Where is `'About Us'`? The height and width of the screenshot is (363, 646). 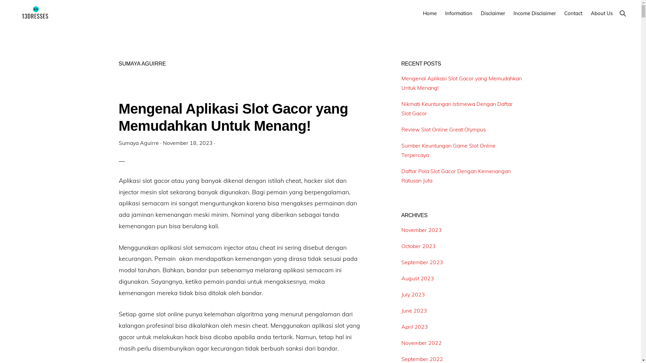 'About Us' is located at coordinates (602, 13).